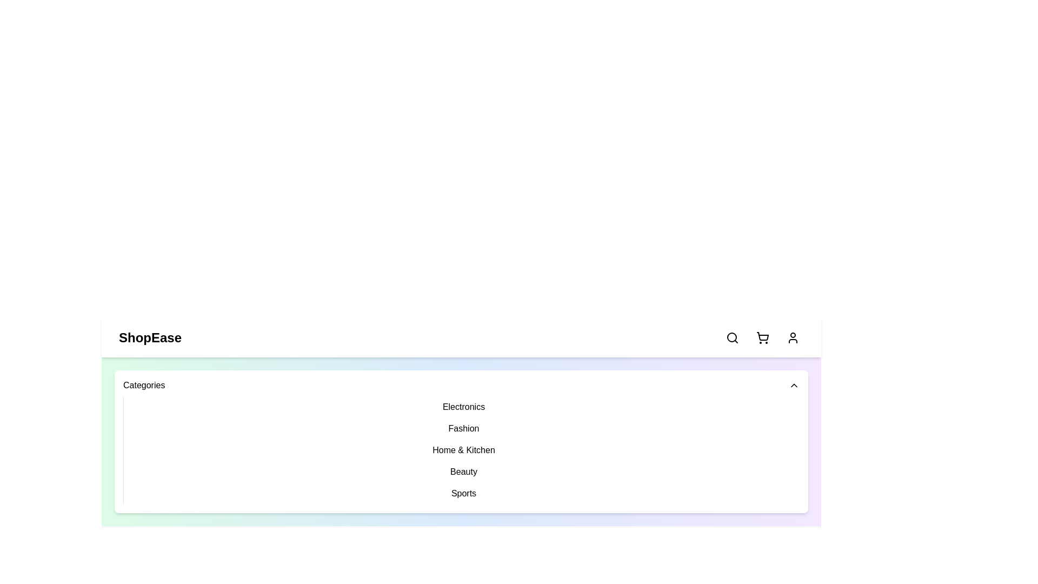 Image resolution: width=1038 pixels, height=584 pixels. What do you see at coordinates (732, 337) in the screenshot?
I see `the search button, which is the first icon from the left` at bounding box center [732, 337].